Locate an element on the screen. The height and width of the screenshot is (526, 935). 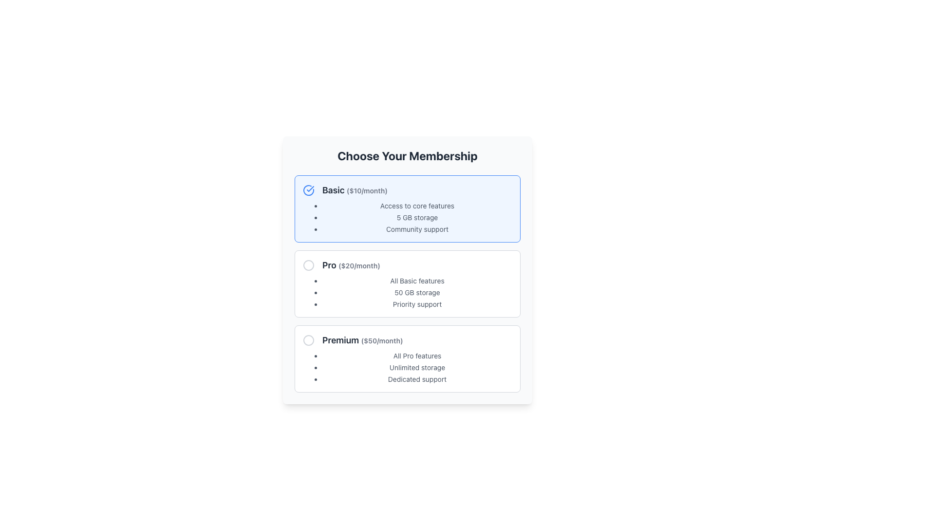
text label displaying 'Community support' in gray font, which is the last item in the bullet-point list under the 'Basic ($10/month)' membership section is located at coordinates (417, 229).